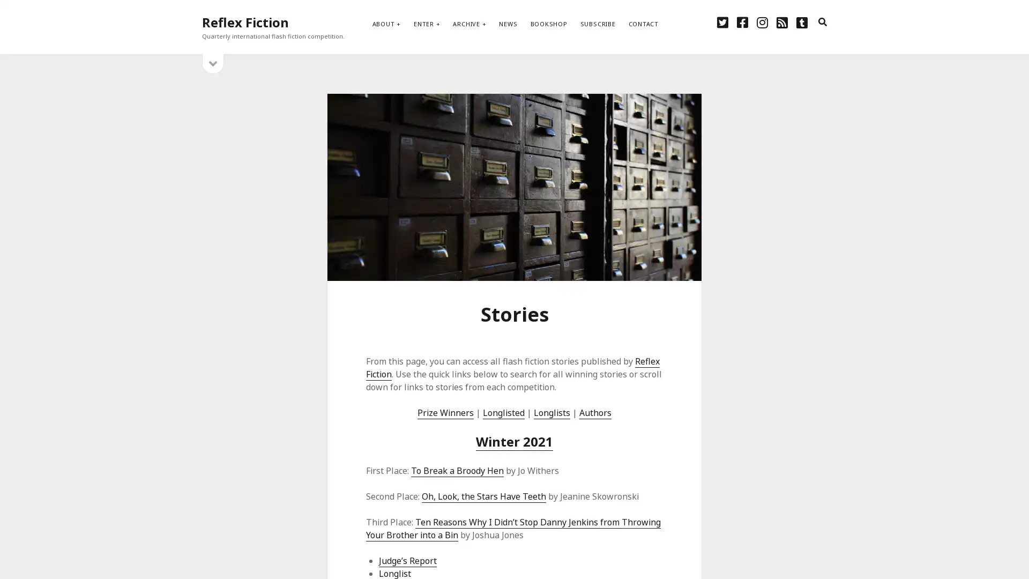  Describe the element at coordinates (822, 23) in the screenshot. I see `search` at that location.